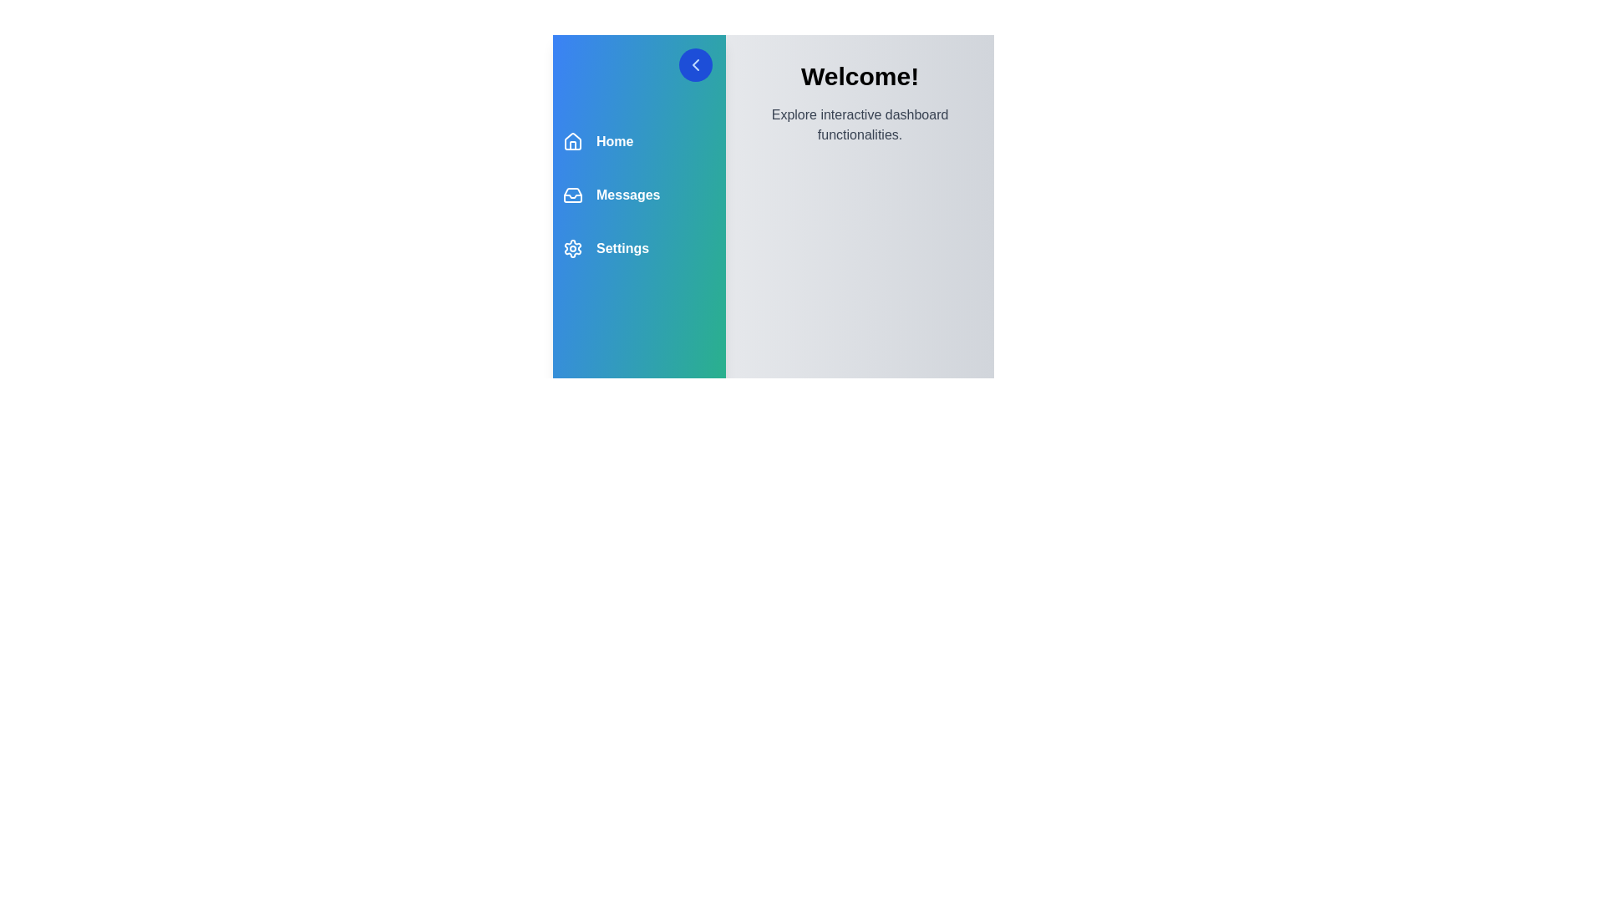 The width and height of the screenshot is (1604, 902). I want to click on 'Messages' text label, which is styled in bold white font against a green-blue gradient background and is the second item in the vertical sidebar menu, so click(627, 195).